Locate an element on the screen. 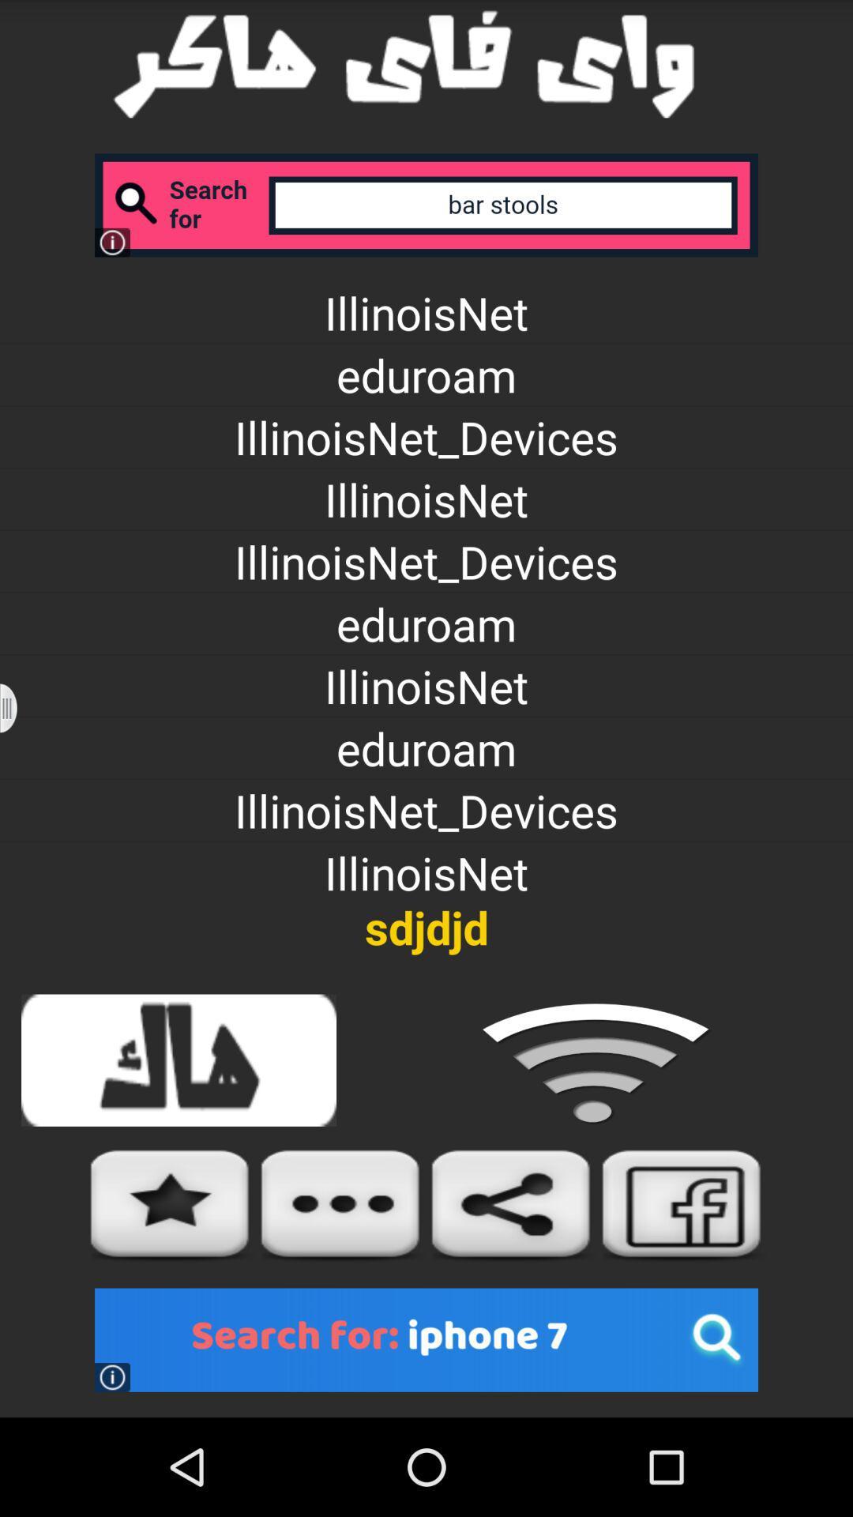 The width and height of the screenshot is (853, 1517). search is located at coordinates (426, 204).